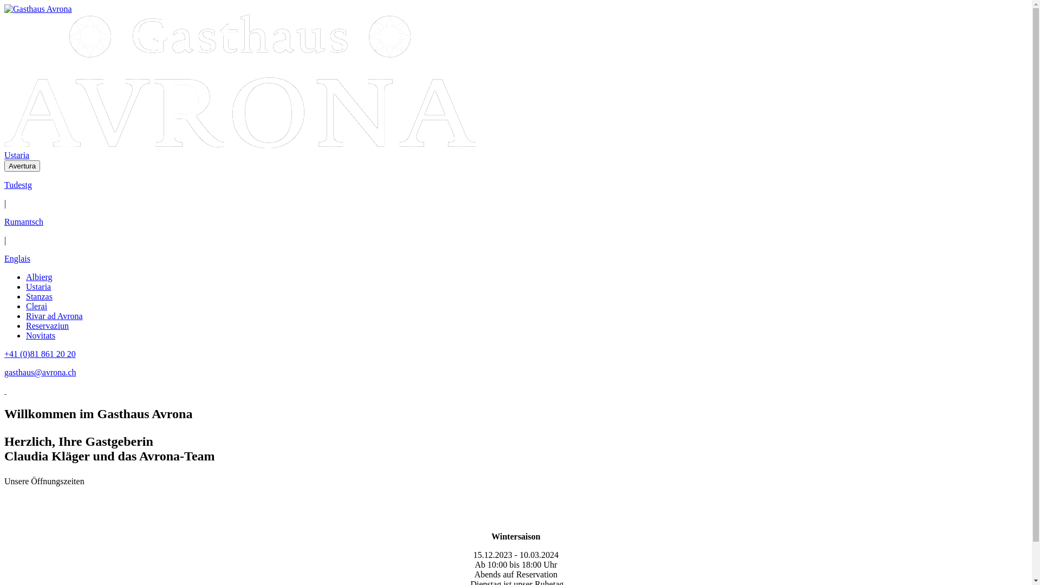  What do you see at coordinates (26, 335) in the screenshot?
I see `'Novitats'` at bounding box center [26, 335].